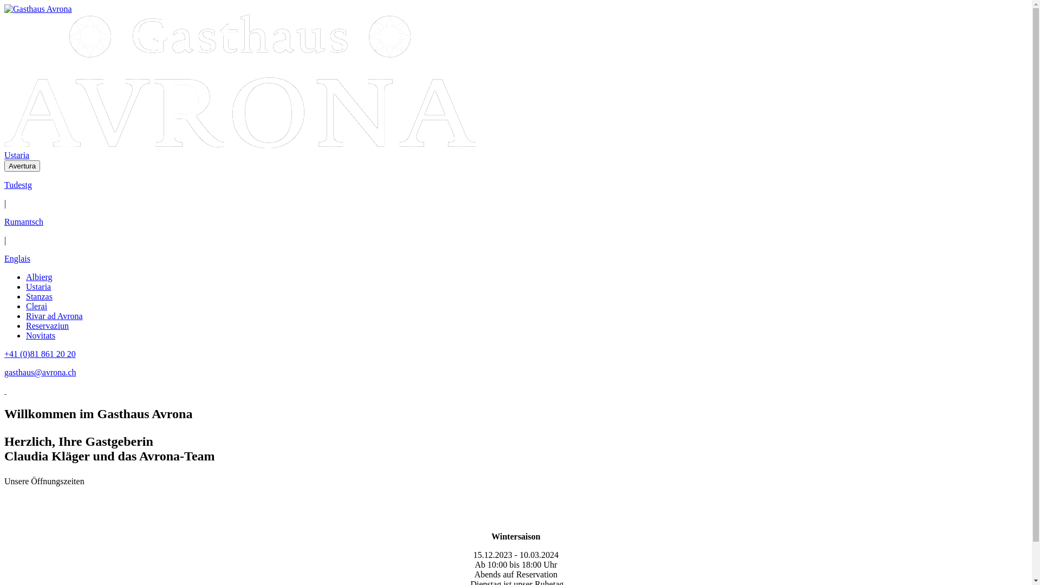  What do you see at coordinates (26, 335) in the screenshot?
I see `'Novitats'` at bounding box center [26, 335].